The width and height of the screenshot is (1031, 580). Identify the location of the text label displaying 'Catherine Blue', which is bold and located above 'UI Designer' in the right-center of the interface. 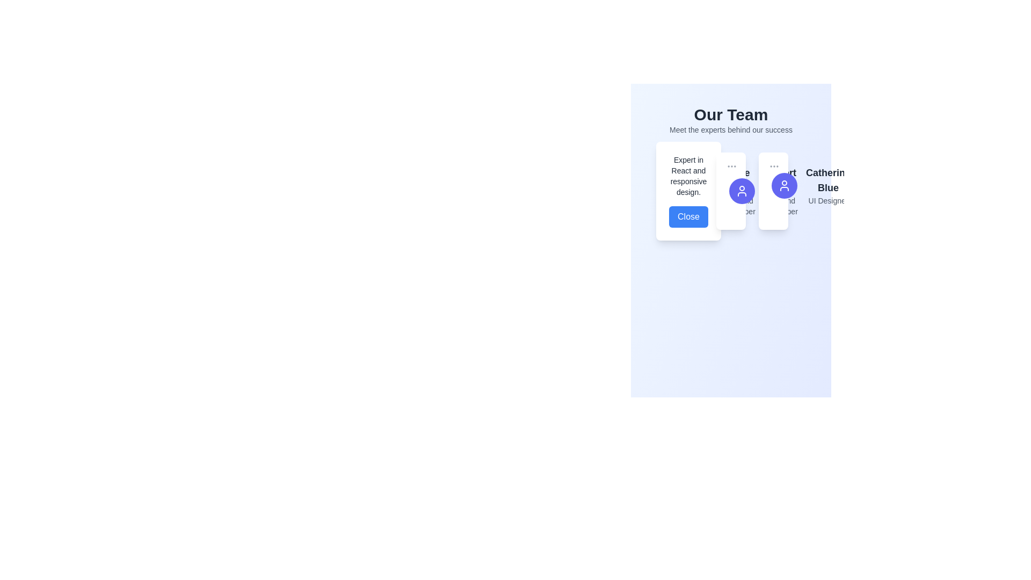
(827, 179).